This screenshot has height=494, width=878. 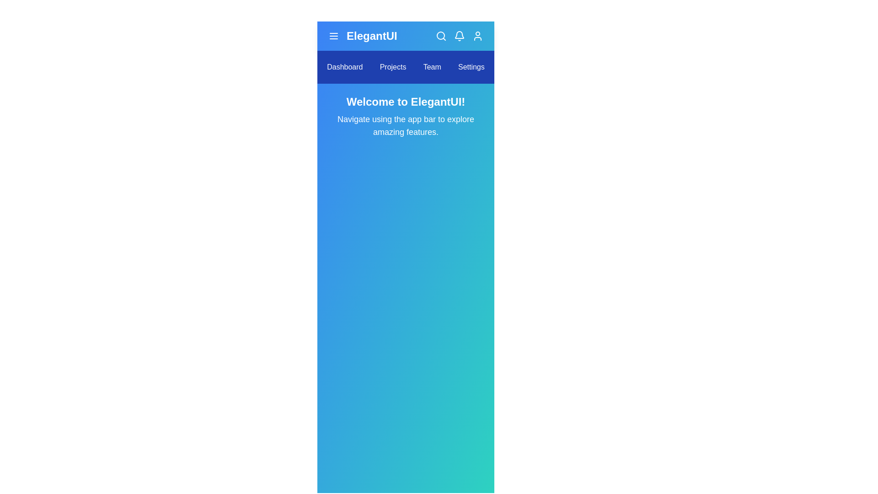 What do you see at coordinates (333, 35) in the screenshot?
I see `the Menu icon to toggle the menu visibility` at bounding box center [333, 35].